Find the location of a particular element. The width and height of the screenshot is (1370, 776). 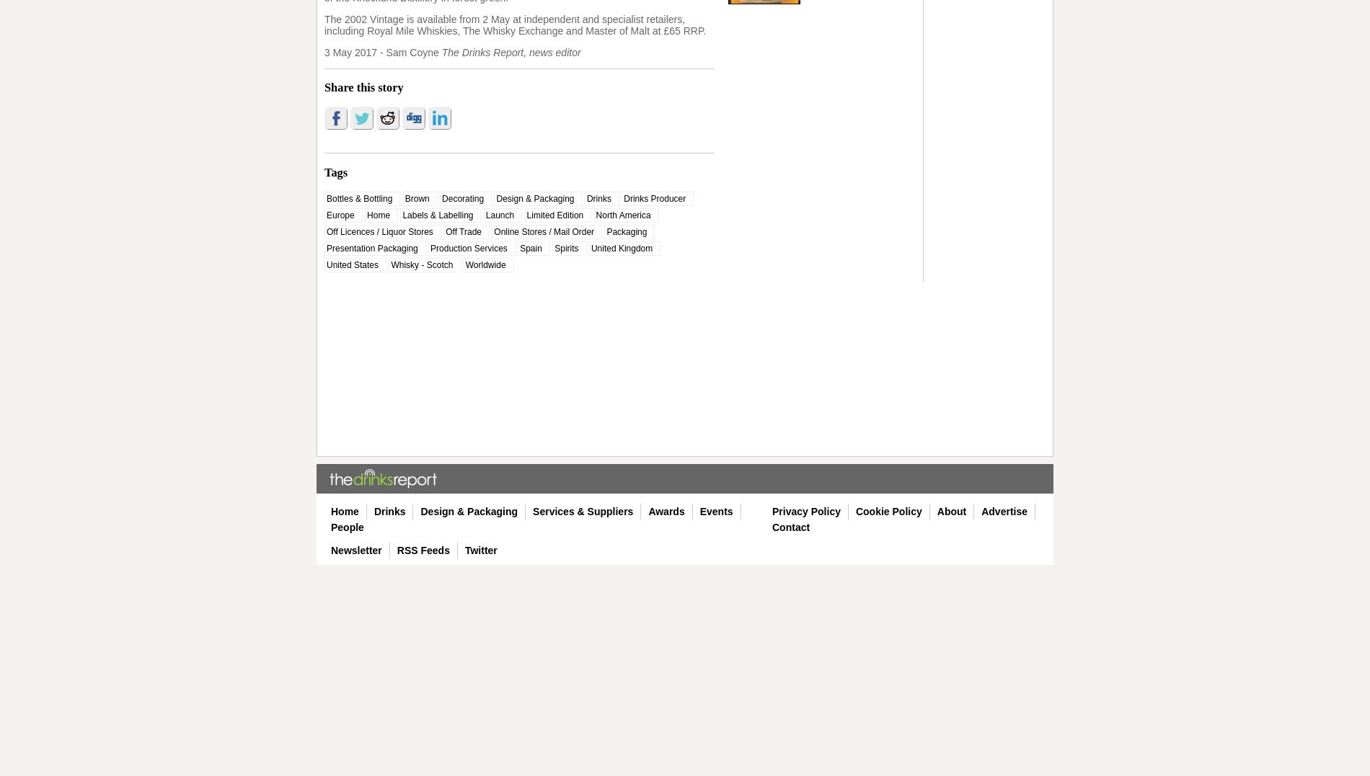

'Decorating' is located at coordinates (463, 198).